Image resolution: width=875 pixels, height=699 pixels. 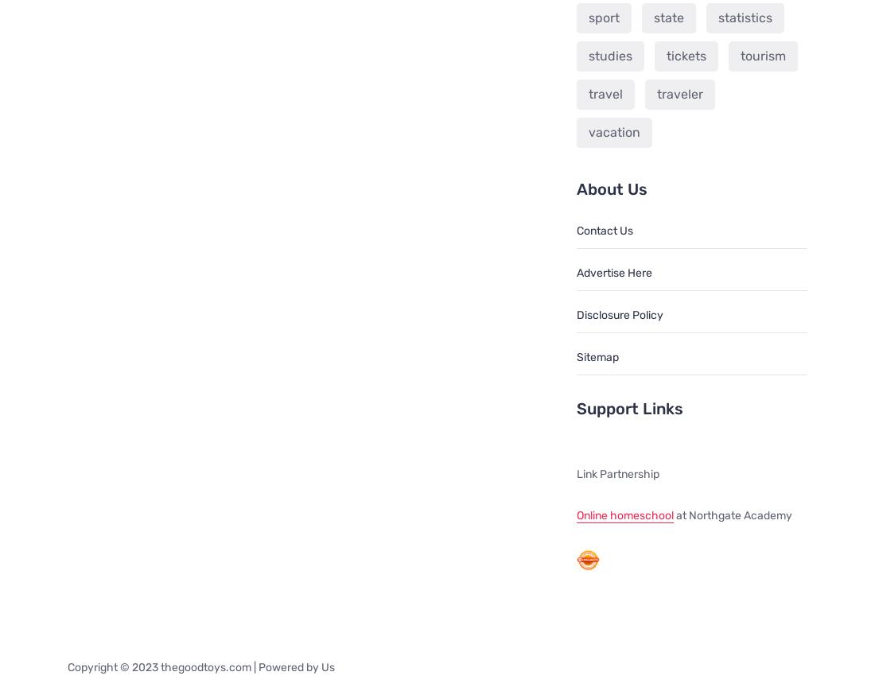 I want to click on 'studies', so click(x=609, y=55).